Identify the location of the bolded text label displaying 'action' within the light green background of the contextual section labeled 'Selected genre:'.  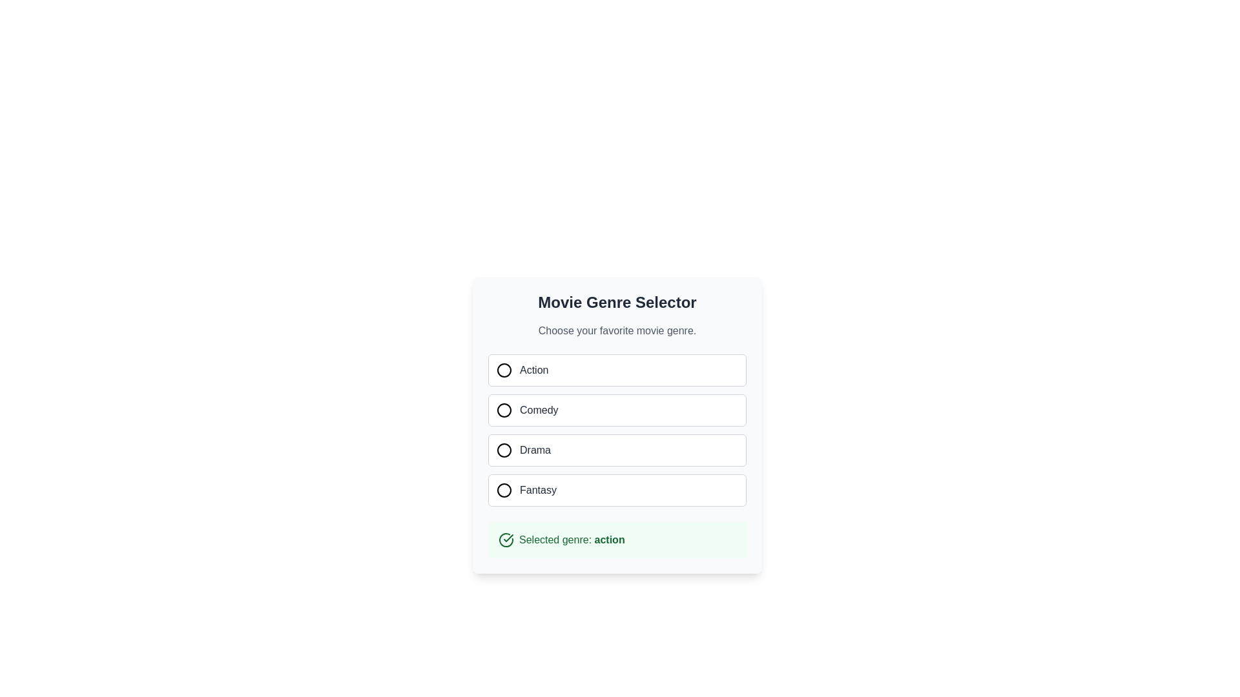
(609, 540).